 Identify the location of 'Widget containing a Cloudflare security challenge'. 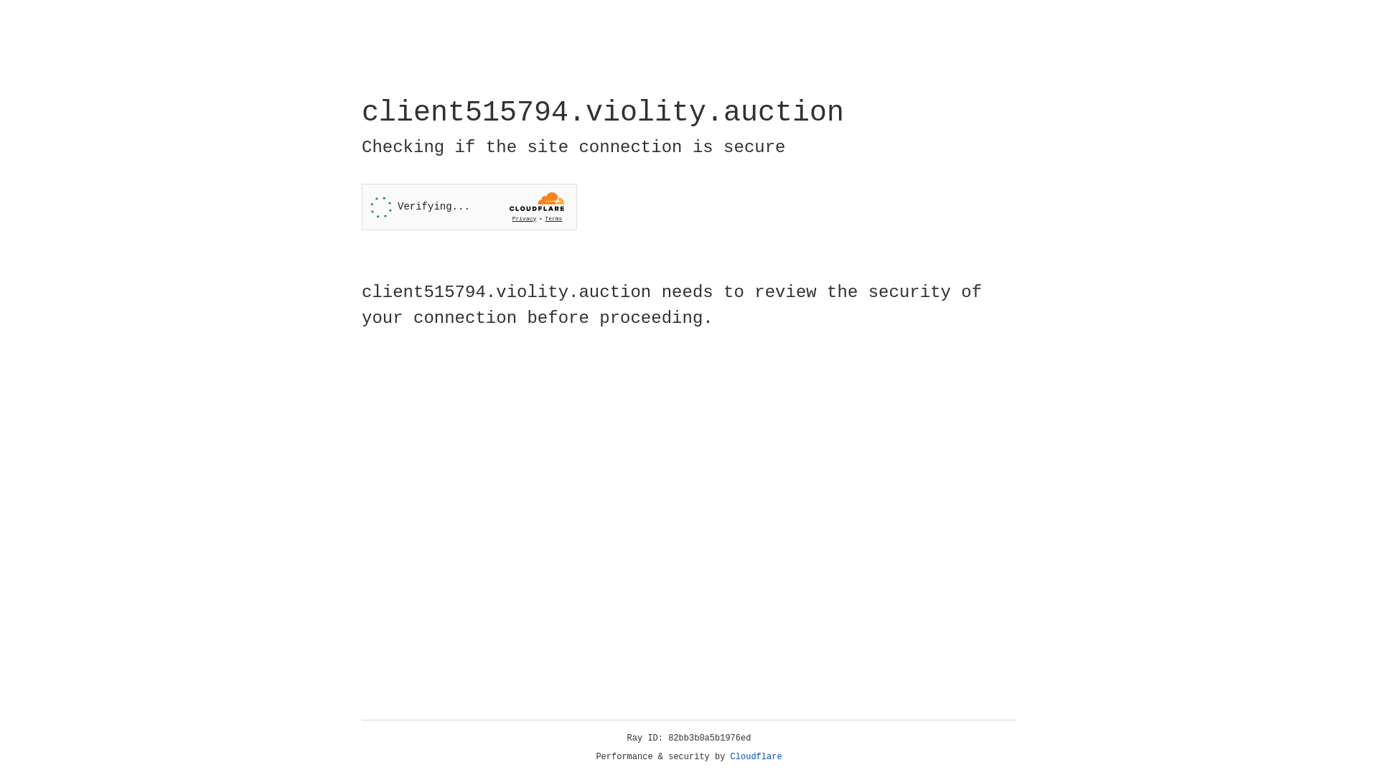
(469, 207).